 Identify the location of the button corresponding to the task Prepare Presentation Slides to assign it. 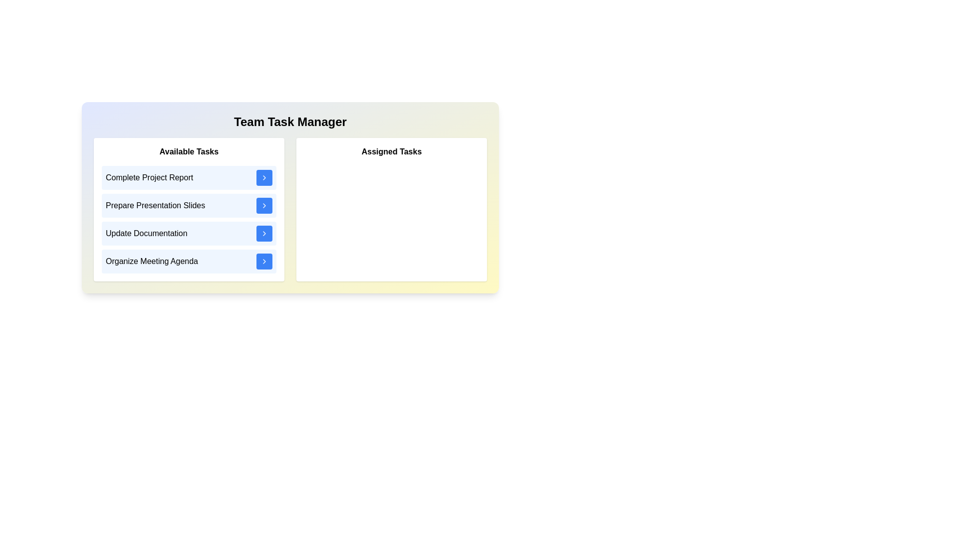
(264, 205).